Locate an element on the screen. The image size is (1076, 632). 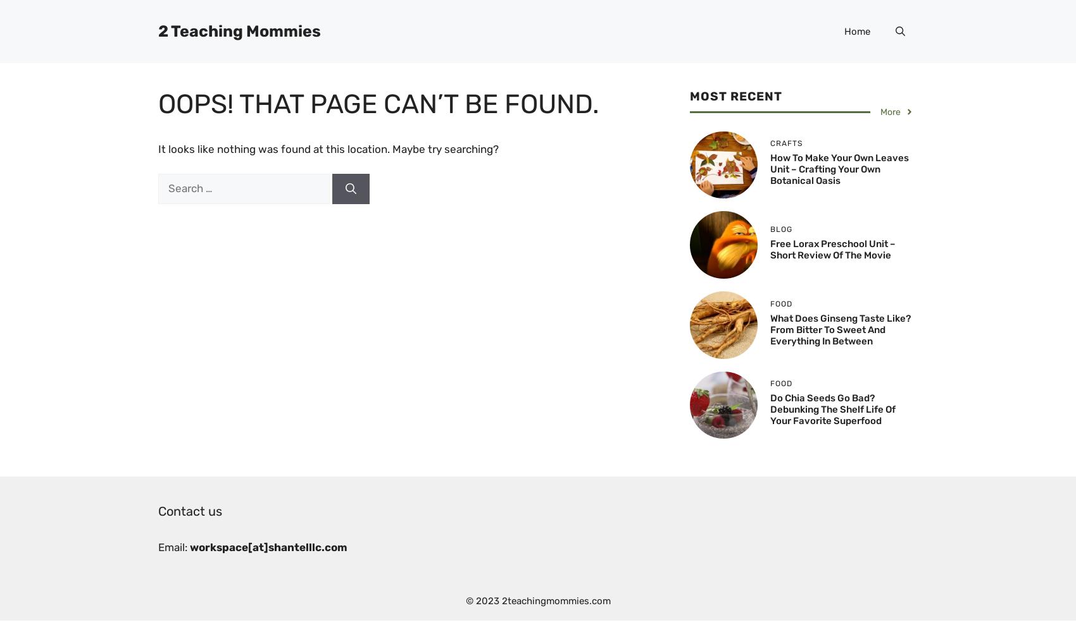
'More' is located at coordinates (889, 111).